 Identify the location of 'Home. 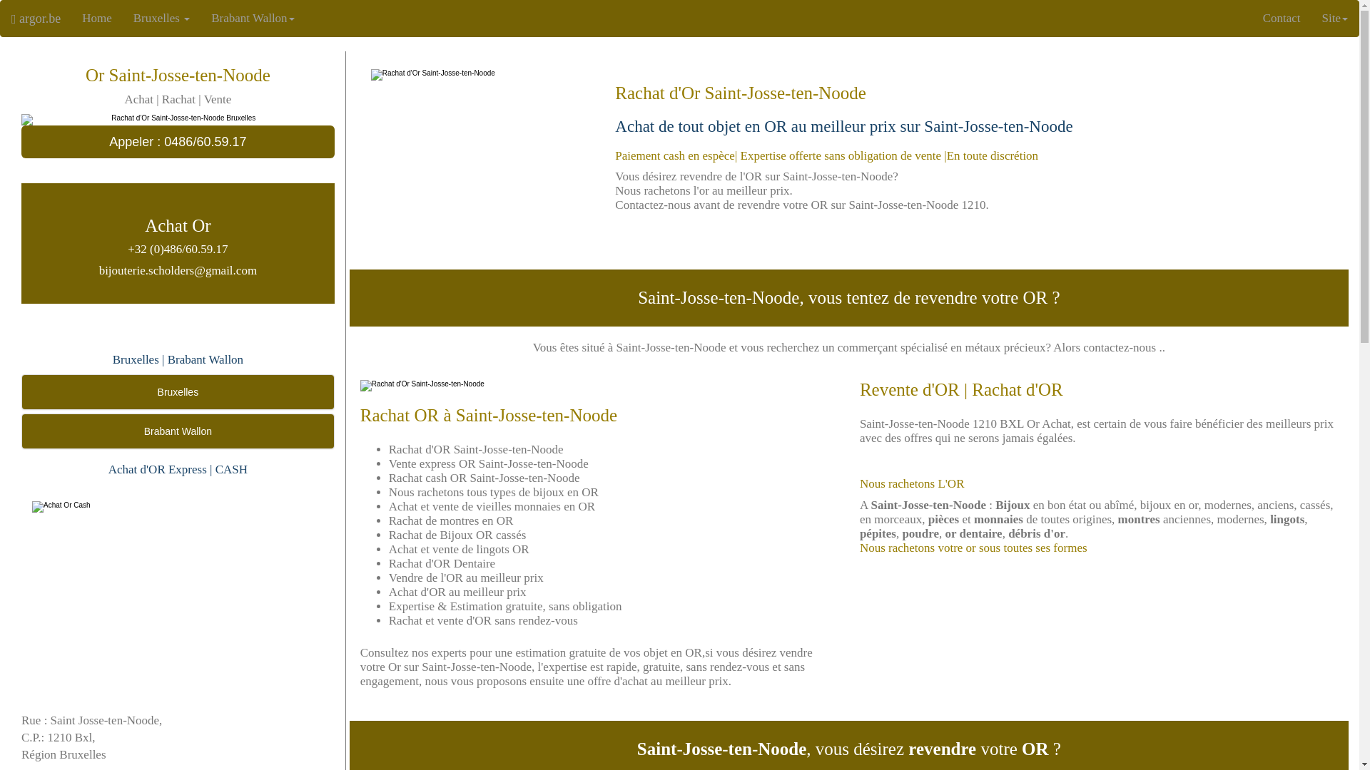
(96, 19).